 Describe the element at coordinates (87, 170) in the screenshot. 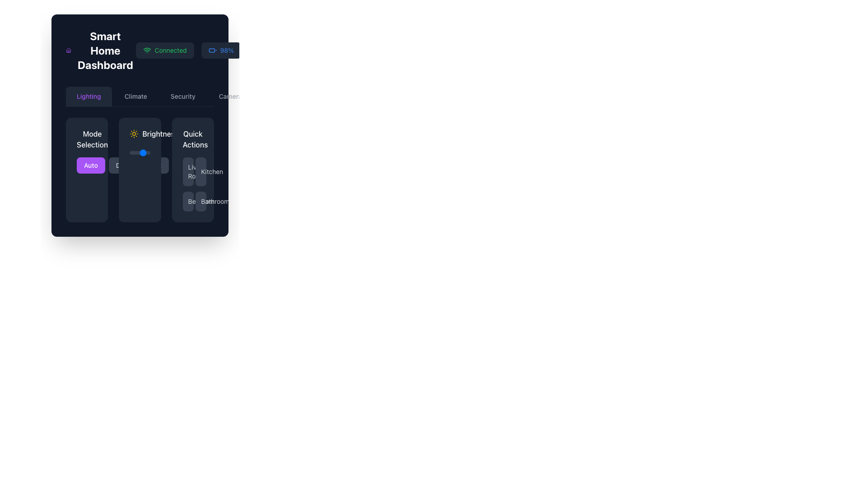

I see `the 'Auto' button located in the top-left corner of the dashboard` at that location.